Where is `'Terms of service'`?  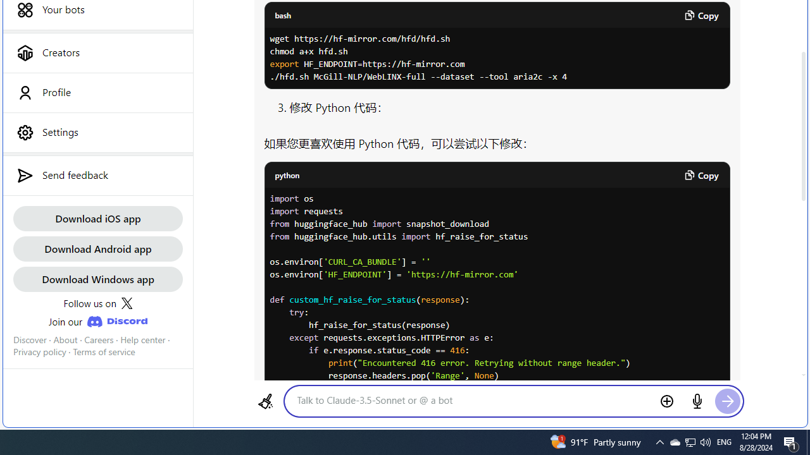
'Terms of service' is located at coordinates (104, 352).